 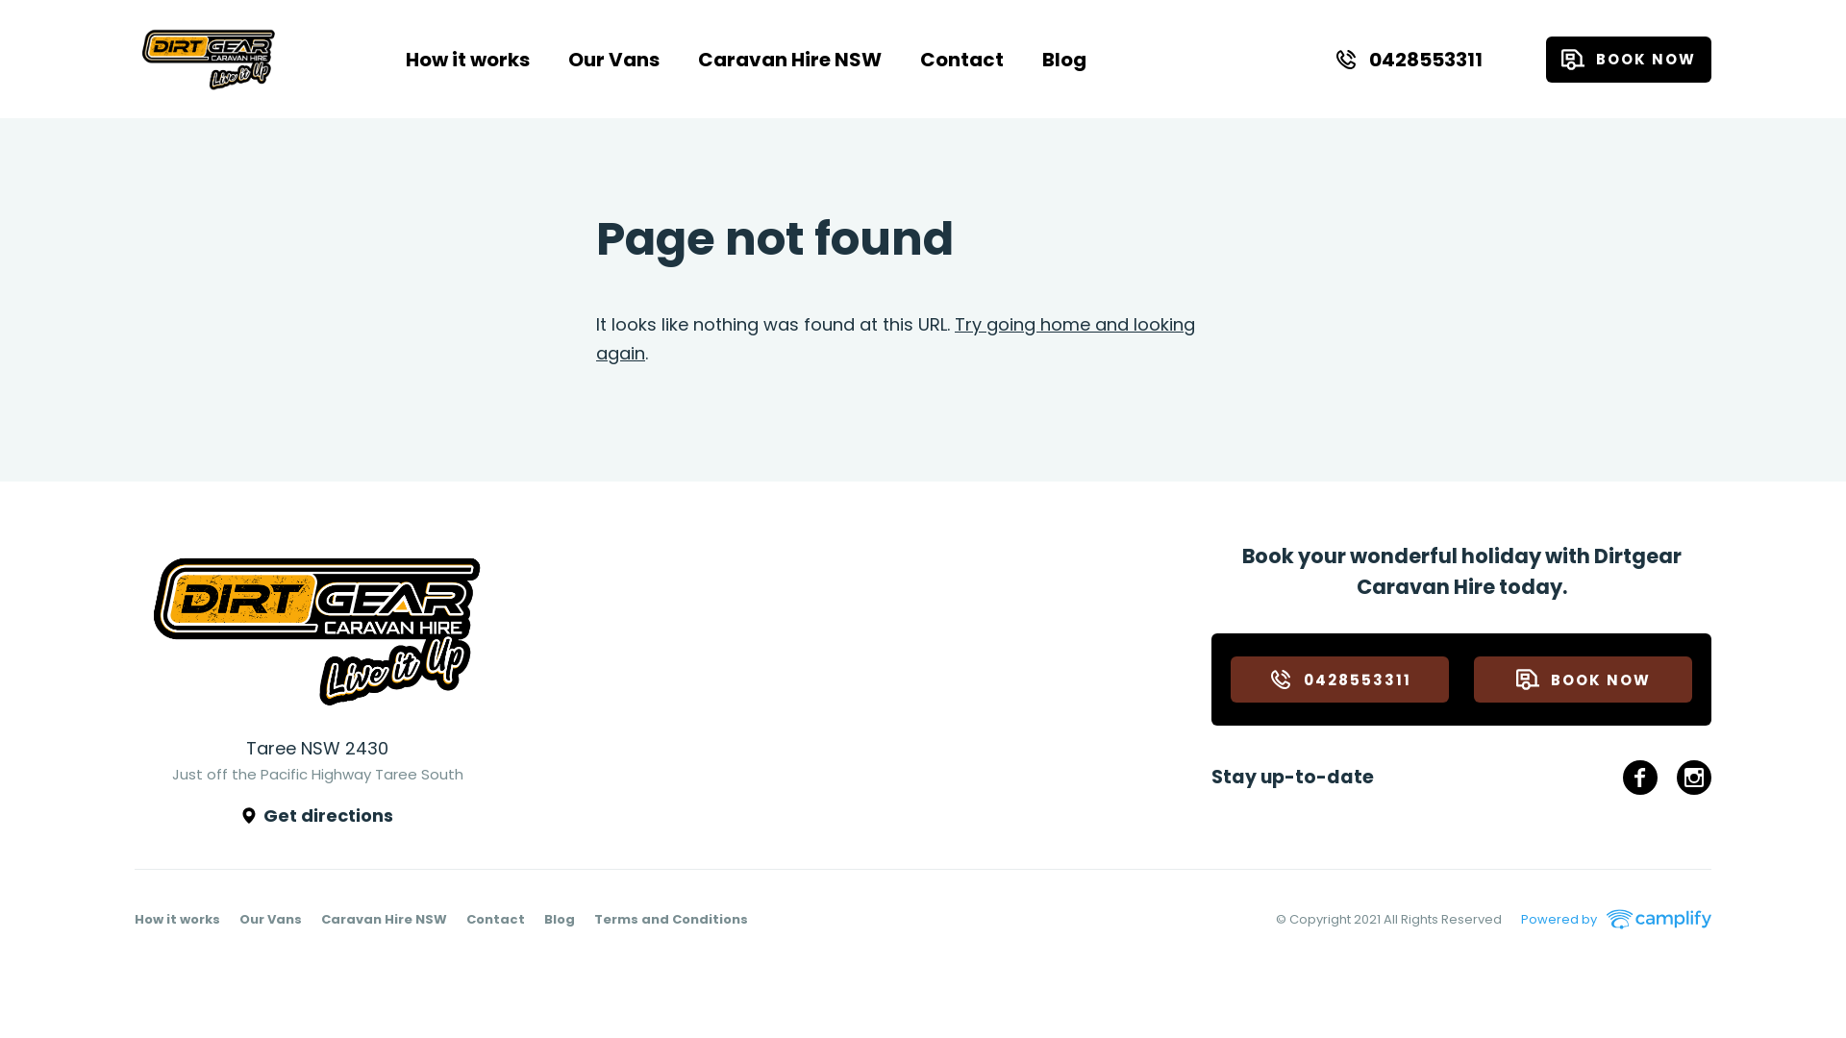 What do you see at coordinates (612, 58) in the screenshot?
I see `'Our Vans'` at bounding box center [612, 58].